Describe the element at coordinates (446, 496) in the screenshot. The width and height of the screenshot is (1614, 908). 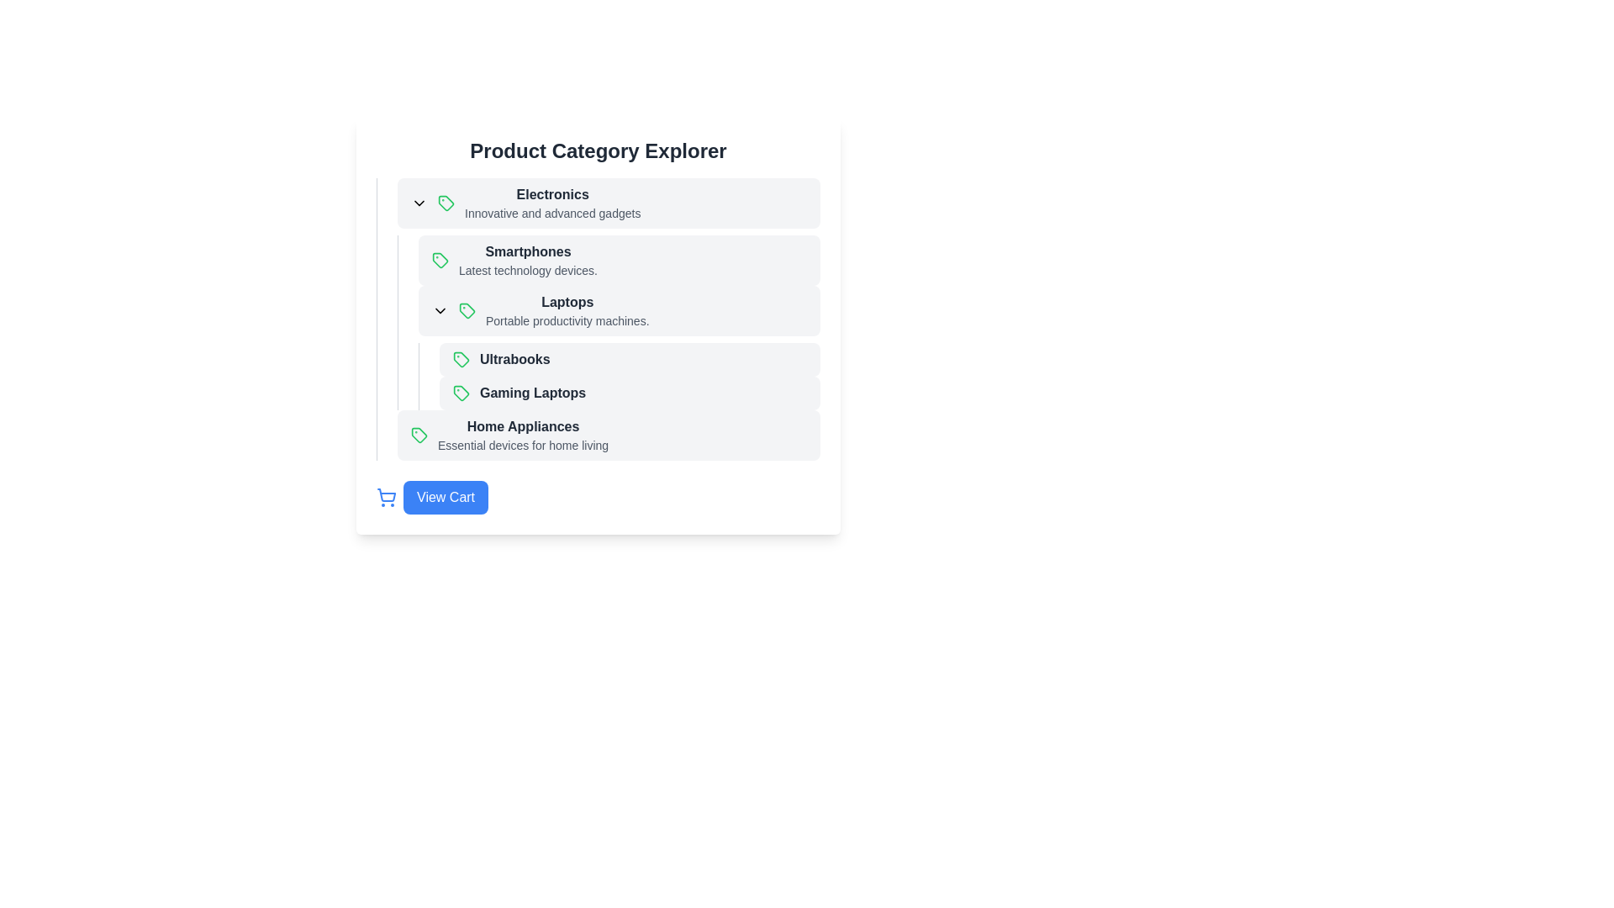
I see `the 'View Cart' button, which is a rectangular button with white sans-serif text on a blue background, located to the right of the shopping cart icon` at that location.